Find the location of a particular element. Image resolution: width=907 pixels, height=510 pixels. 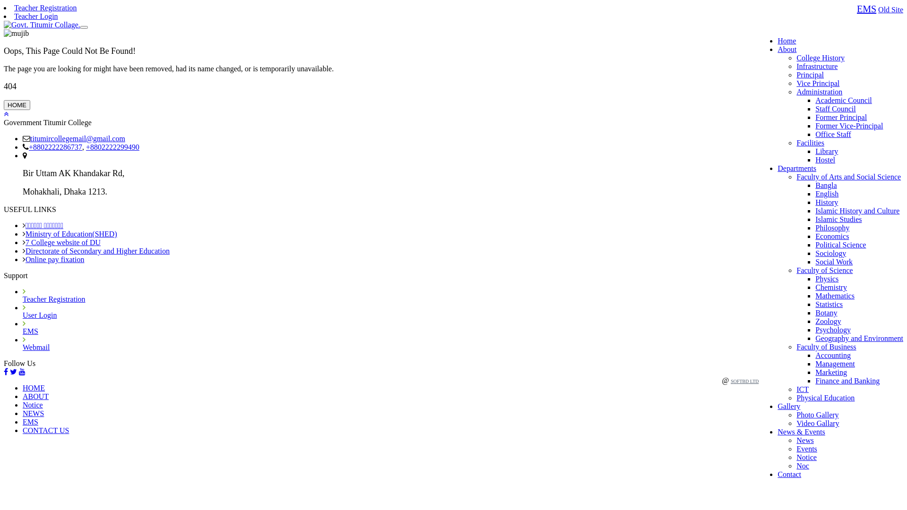

'Teacher Registration' is located at coordinates (53, 299).